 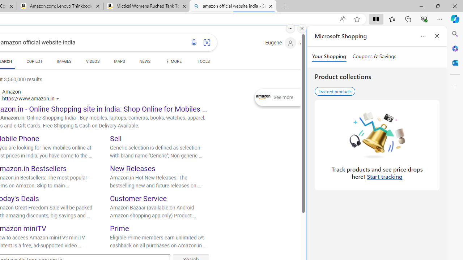 I want to click on 'Search using an image', so click(x=207, y=43).